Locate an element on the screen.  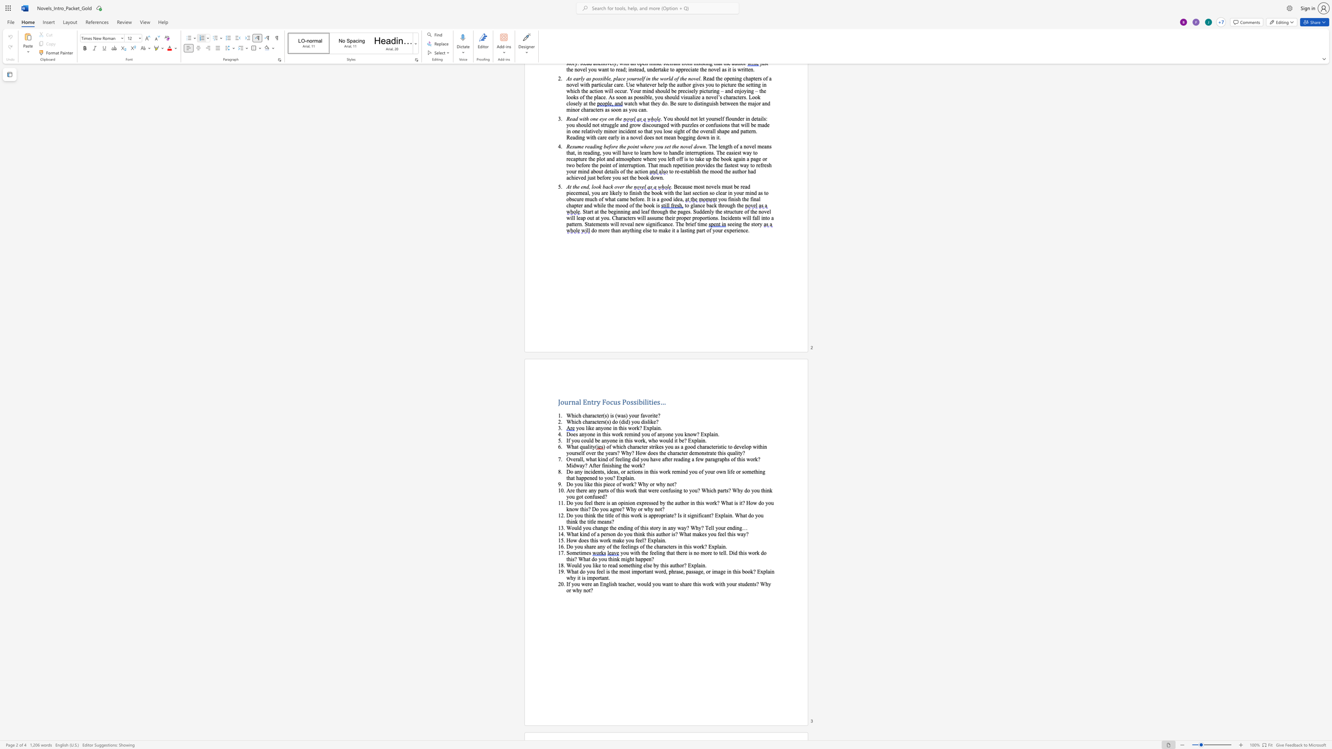
the space between the continuous character "h" and "a" in the text is located at coordinates (587, 416).